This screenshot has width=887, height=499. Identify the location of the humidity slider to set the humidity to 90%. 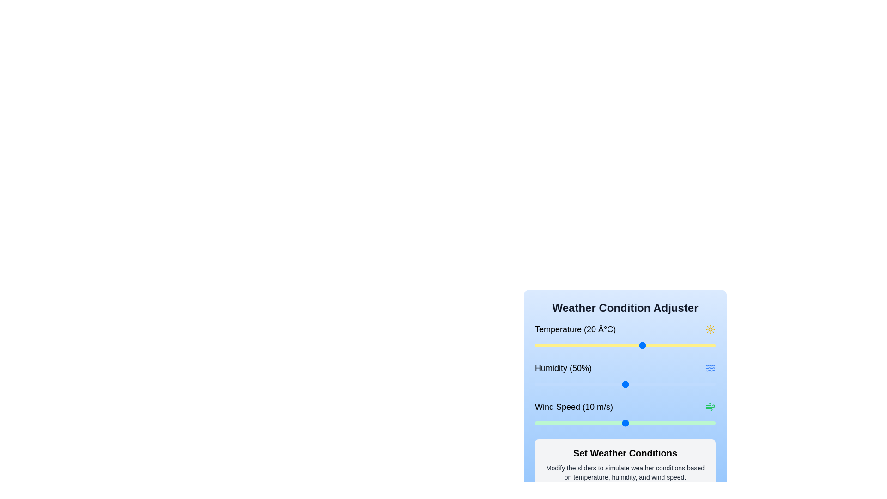
(697, 384).